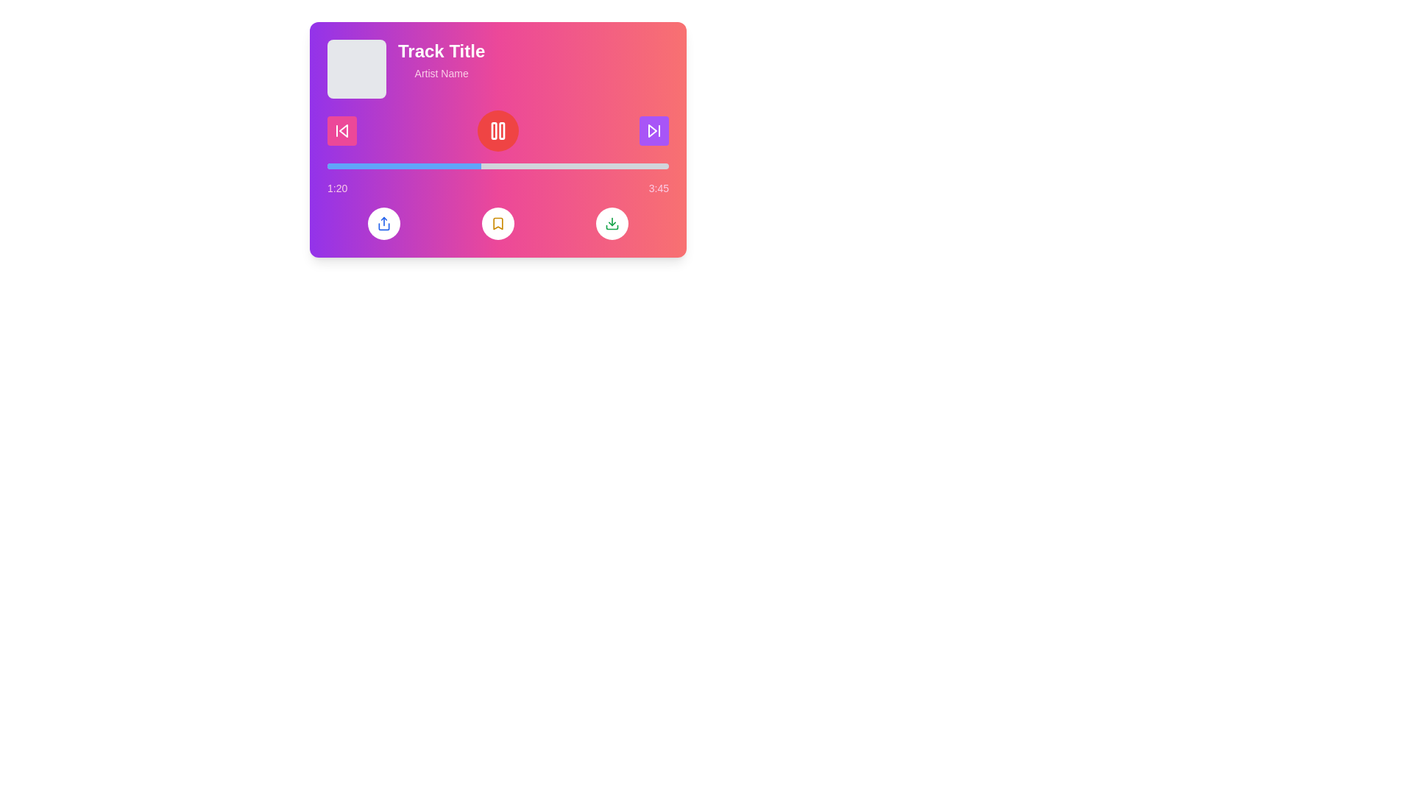  I want to click on the circular 'Share' button with a blue upward arrow icon, located below the music player's progress bar, so click(384, 224).